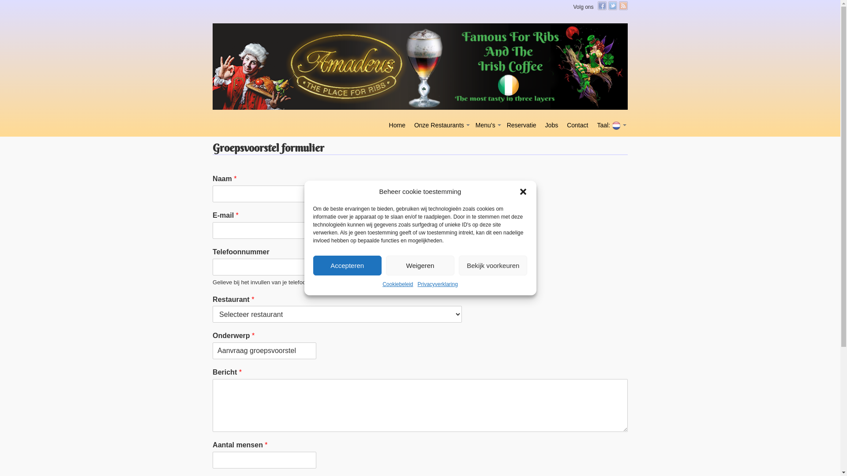 The width and height of the screenshot is (847, 476). What do you see at coordinates (611, 5) in the screenshot?
I see `'Twitter'` at bounding box center [611, 5].